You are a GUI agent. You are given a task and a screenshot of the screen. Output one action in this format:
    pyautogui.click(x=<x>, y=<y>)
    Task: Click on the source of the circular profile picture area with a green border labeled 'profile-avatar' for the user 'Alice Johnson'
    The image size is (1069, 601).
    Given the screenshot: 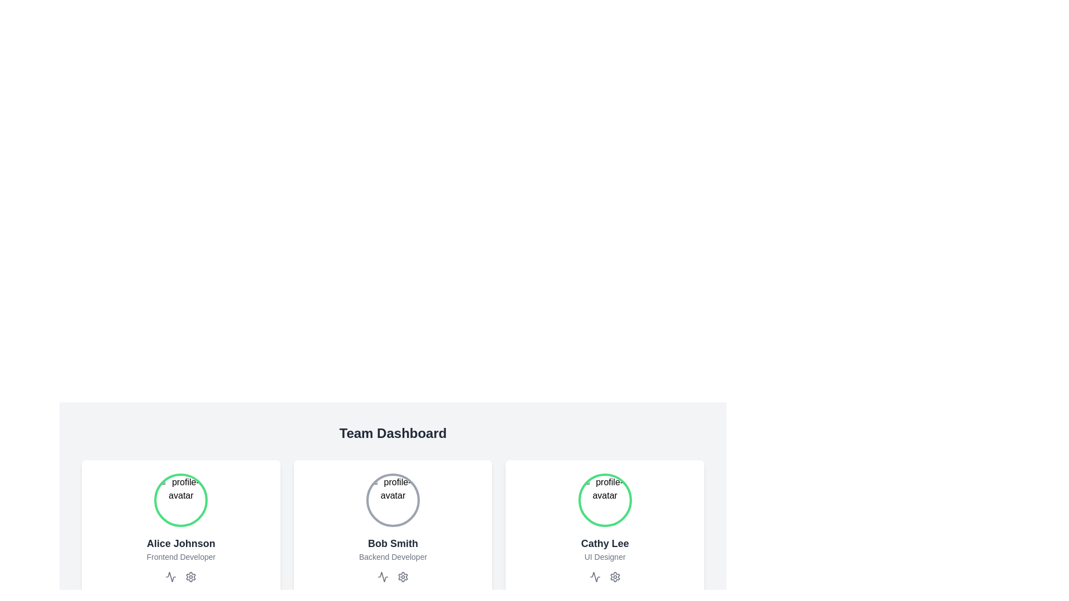 What is the action you would take?
    pyautogui.click(x=181, y=499)
    